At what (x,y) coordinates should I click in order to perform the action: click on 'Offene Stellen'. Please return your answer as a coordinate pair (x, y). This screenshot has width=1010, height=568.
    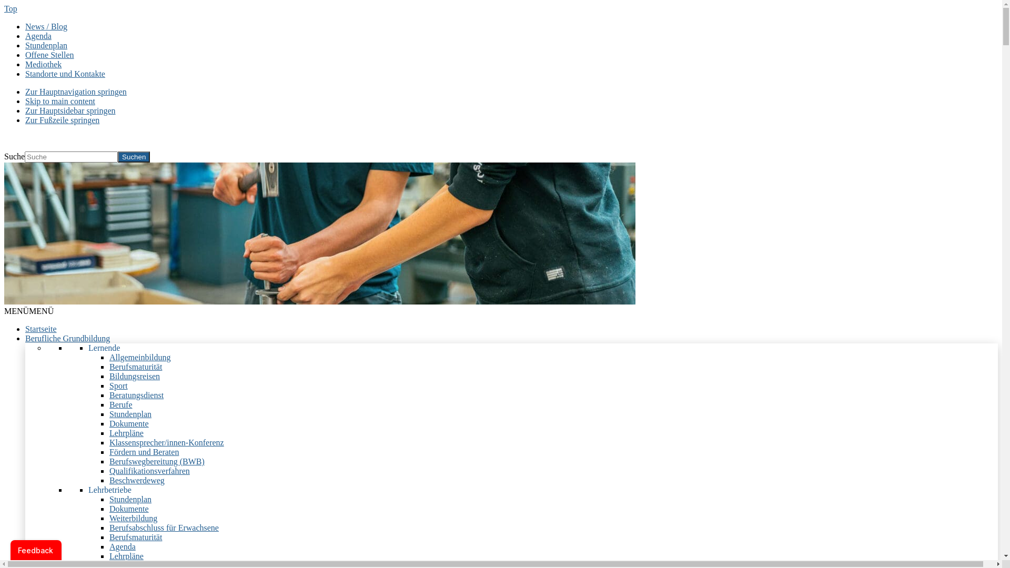
    Looking at the image, I should click on (49, 55).